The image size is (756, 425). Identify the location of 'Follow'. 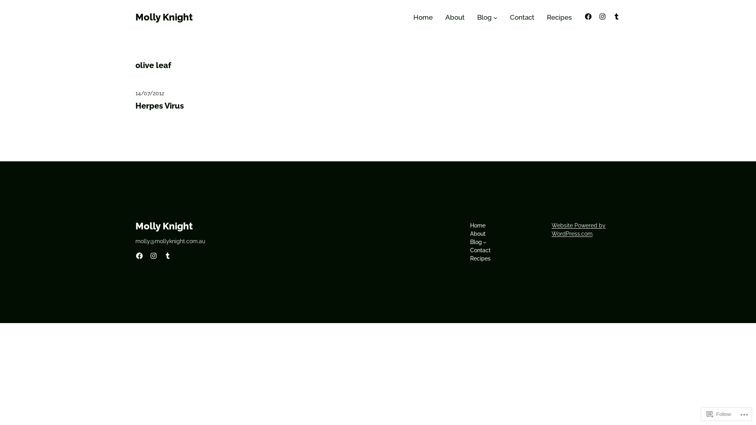
(719, 414).